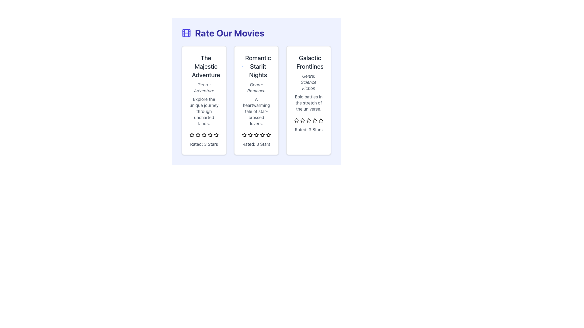 The image size is (584, 328). What do you see at coordinates (321, 121) in the screenshot?
I see `the inactive star icon (sixth in the sequence) in the movie rating card titled 'Galactic Frontlines'` at bounding box center [321, 121].